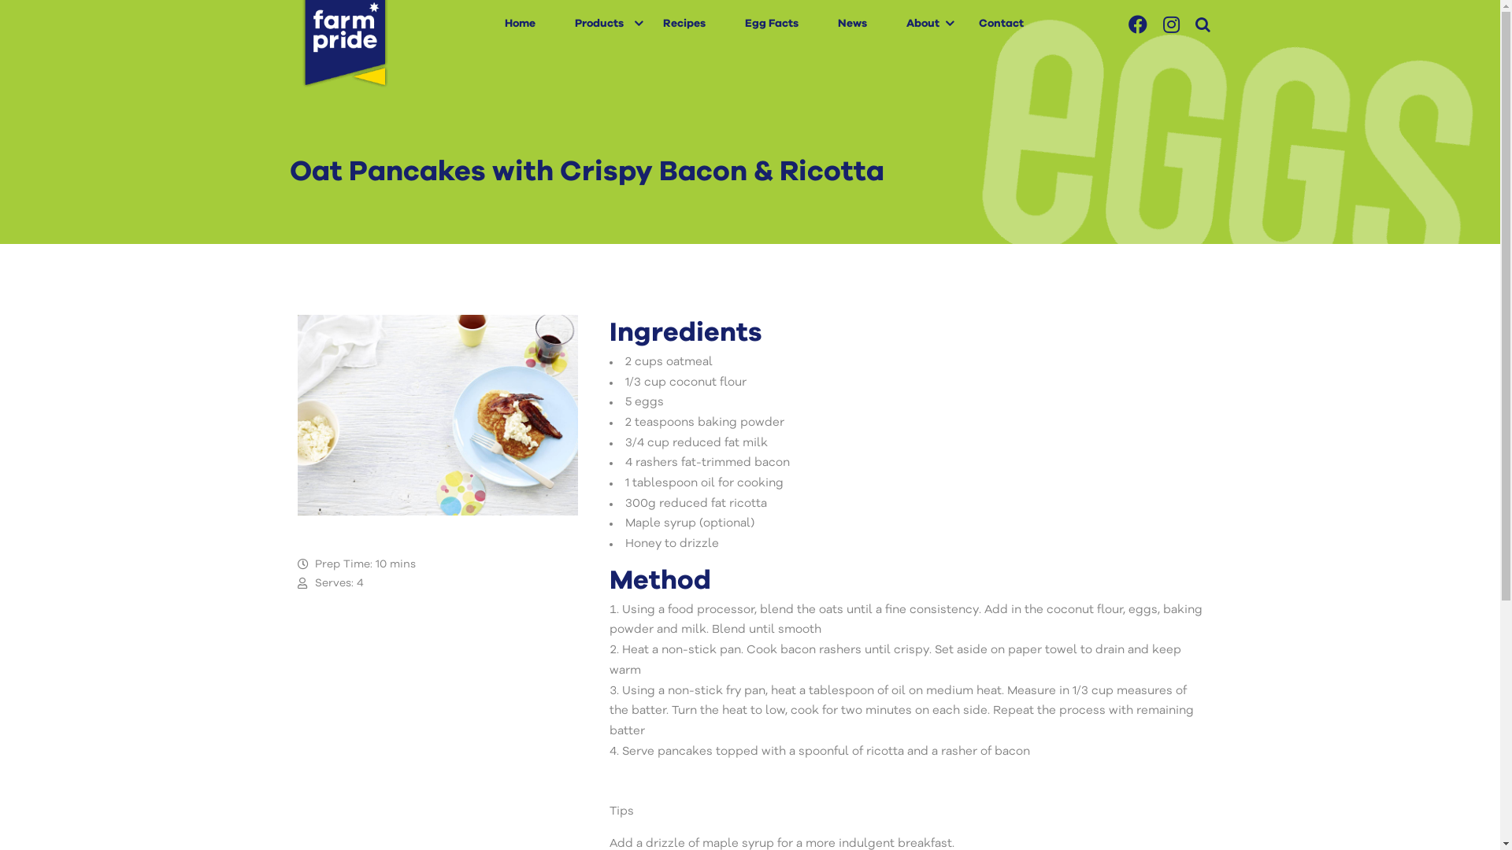 Image resolution: width=1512 pixels, height=850 pixels. Describe the element at coordinates (817, 24) in the screenshot. I see `'News'` at that location.